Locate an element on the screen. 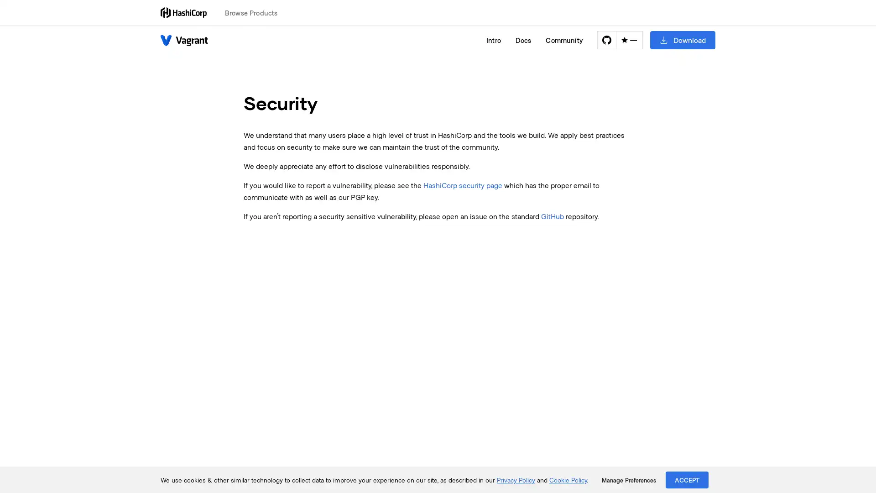  Manage Preferences is located at coordinates (628, 480).